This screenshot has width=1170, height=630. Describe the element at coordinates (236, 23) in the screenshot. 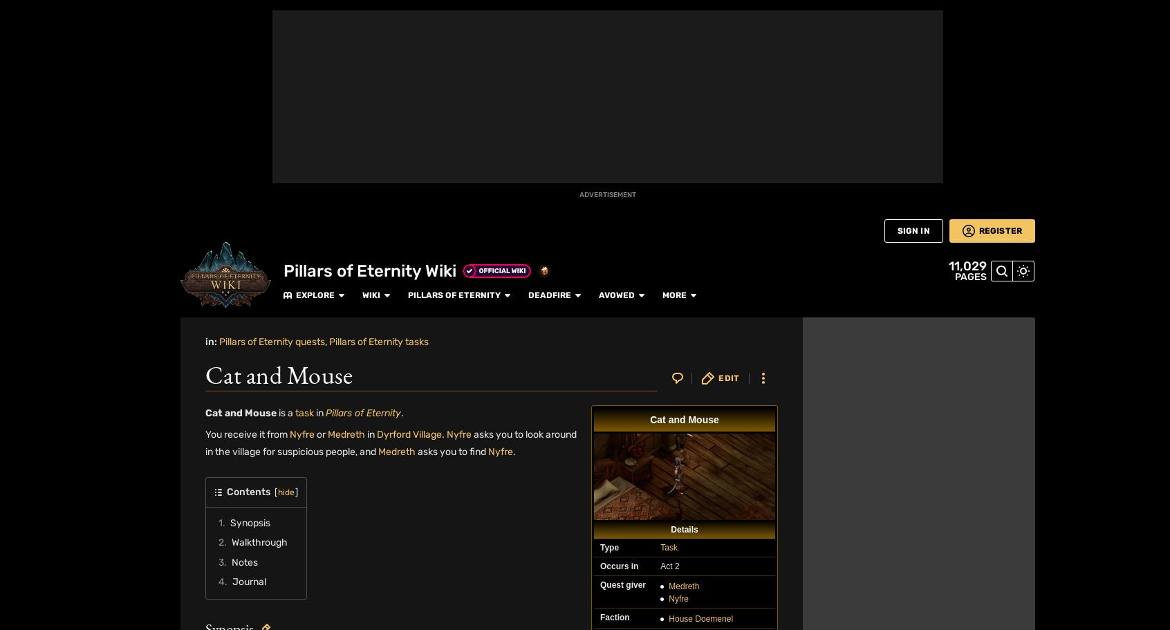

I see `'30007'` at that location.